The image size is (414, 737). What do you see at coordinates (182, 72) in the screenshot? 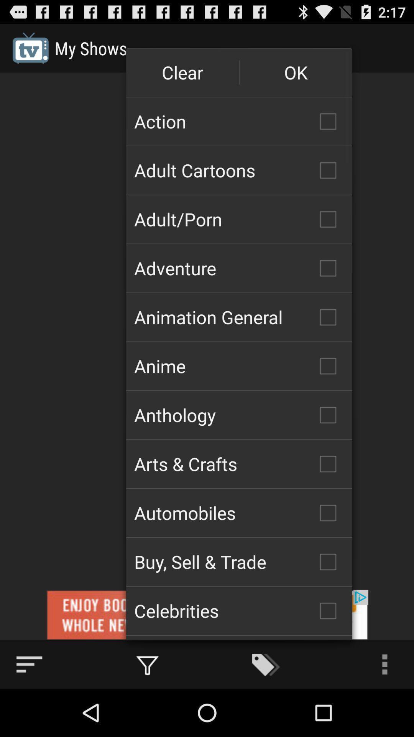
I see `button next to the ok icon` at bounding box center [182, 72].